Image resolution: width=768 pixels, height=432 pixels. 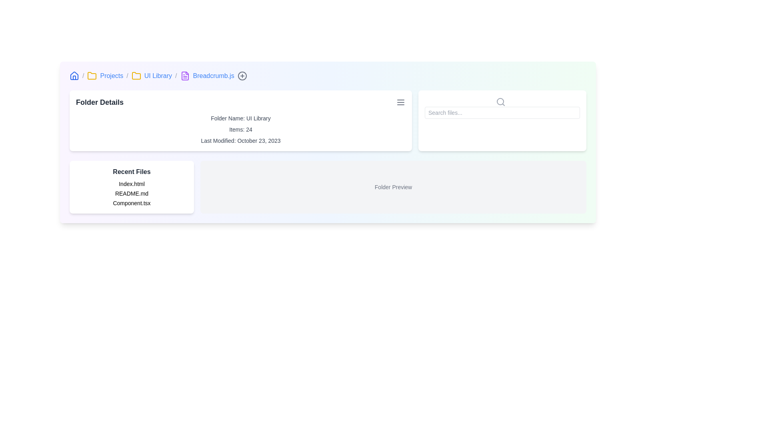 What do you see at coordinates (132, 193) in the screenshot?
I see `the Text label displaying the file name 'README.md' in the 'Recent Files' section, which is the second item in the list` at bounding box center [132, 193].